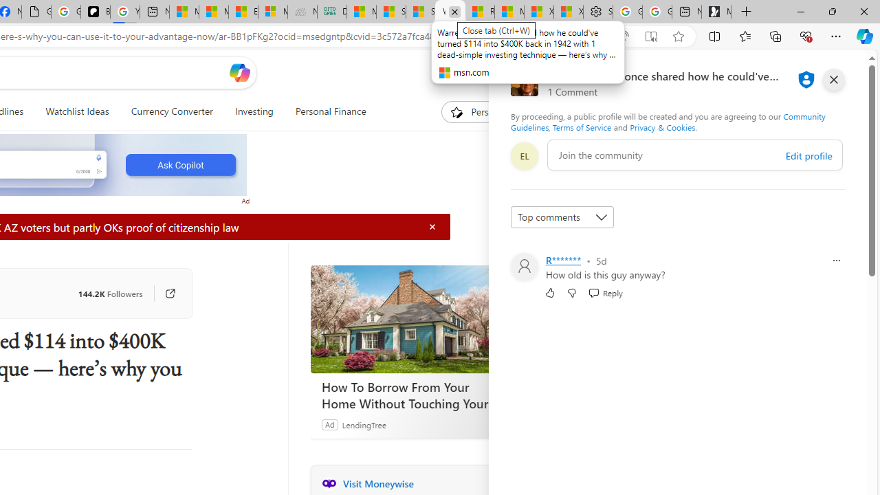 The width and height of the screenshot is (880, 495). Describe the element at coordinates (171, 111) in the screenshot. I see `'Currency Converter'` at that location.